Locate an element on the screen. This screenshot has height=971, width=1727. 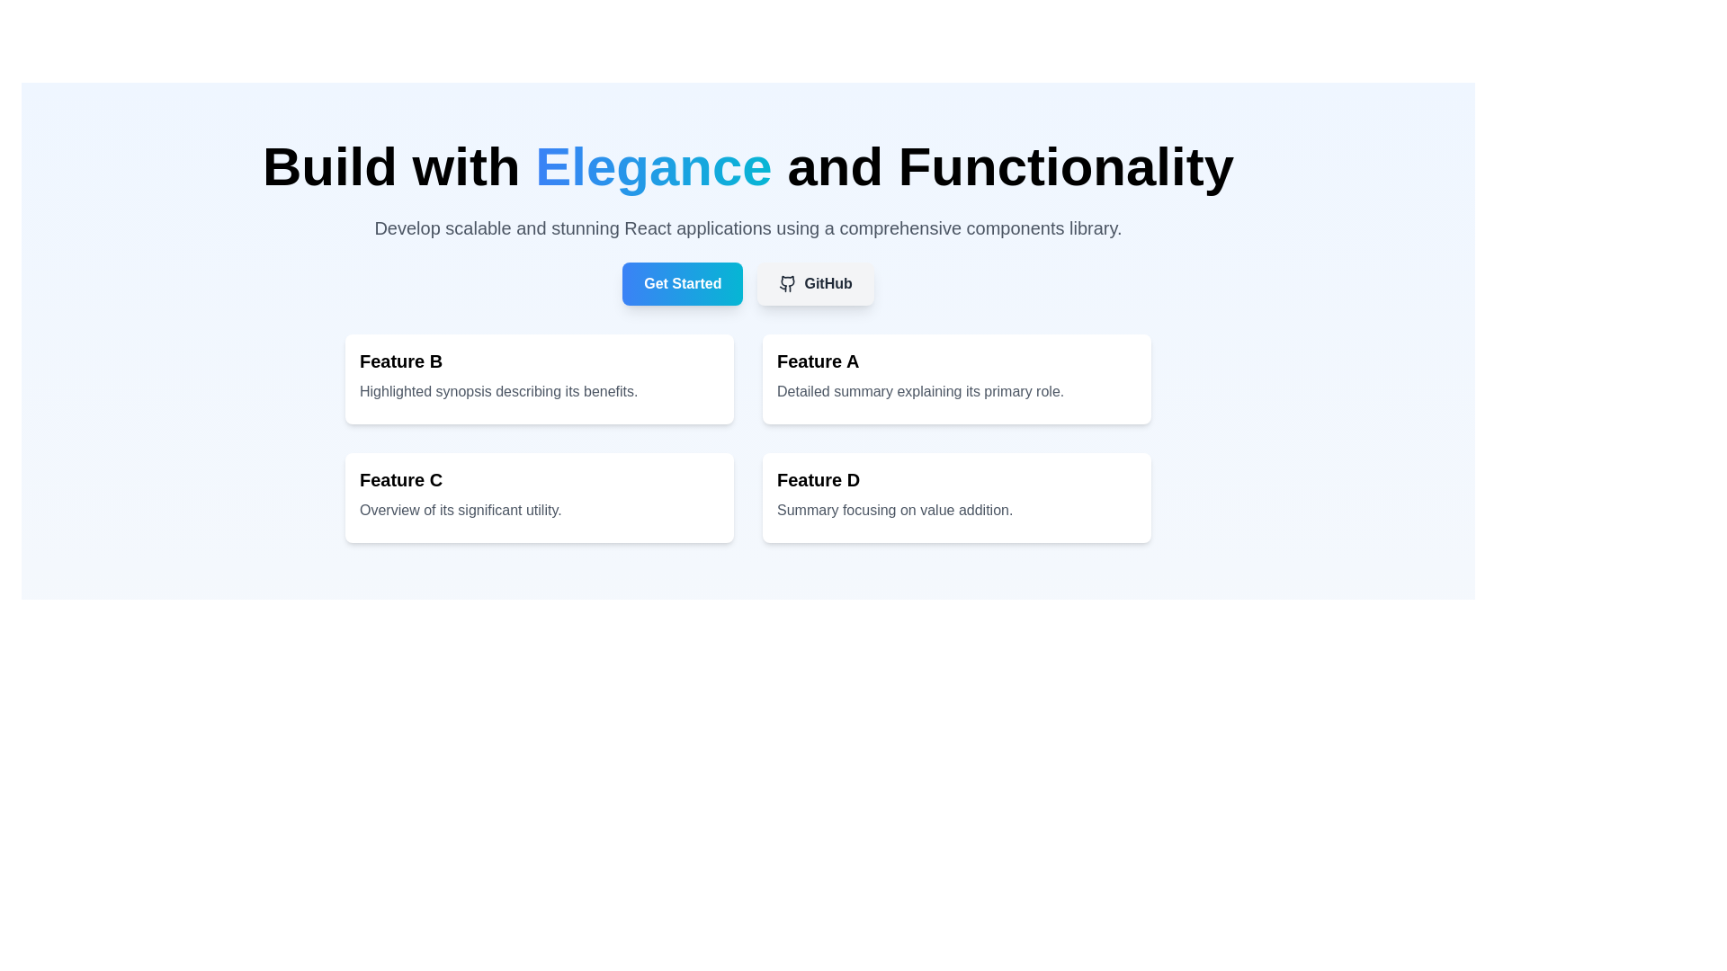
the navigation button that links to the external GitHub repository, located to the right of the 'Get Started' button is located at coordinates (815, 283).